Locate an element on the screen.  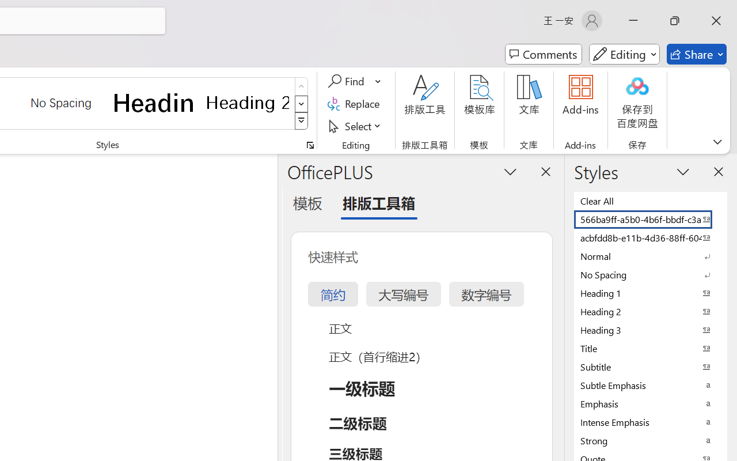
'Heading 3' is located at coordinates (651, 329).